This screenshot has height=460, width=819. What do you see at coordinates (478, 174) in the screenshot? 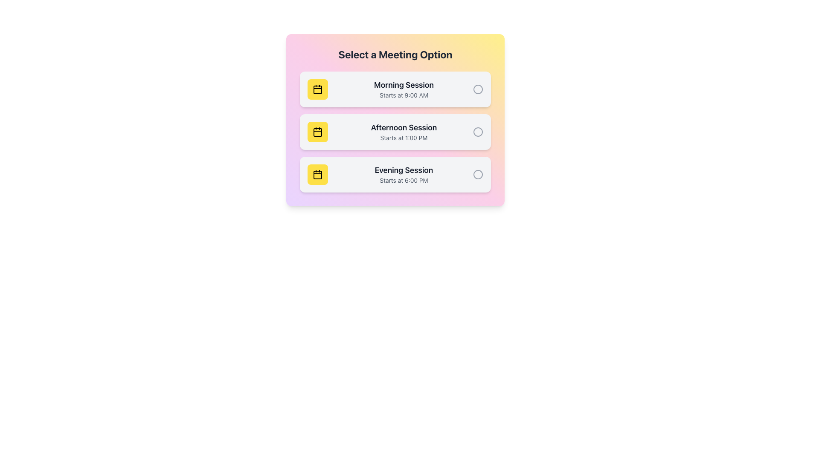
I see `the inactive radio button represented by a small circular icon with a gray border, located to the far right of the 'Evening Session' entry in the meeting options list` at bounding box center [478, 174].